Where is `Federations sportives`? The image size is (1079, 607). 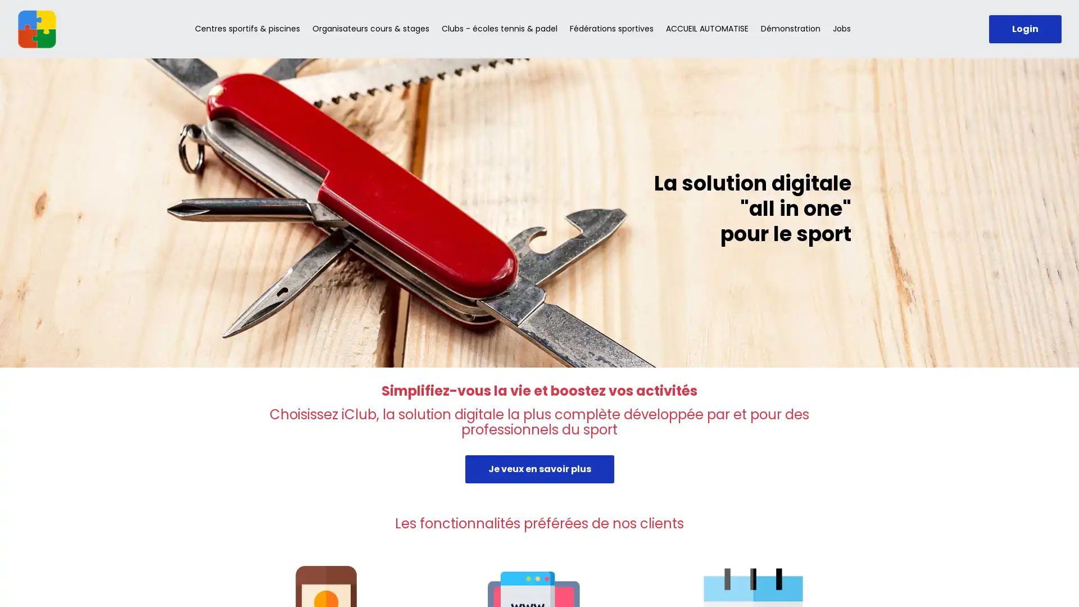 Federations sportives is located at coordinates (610, 28).